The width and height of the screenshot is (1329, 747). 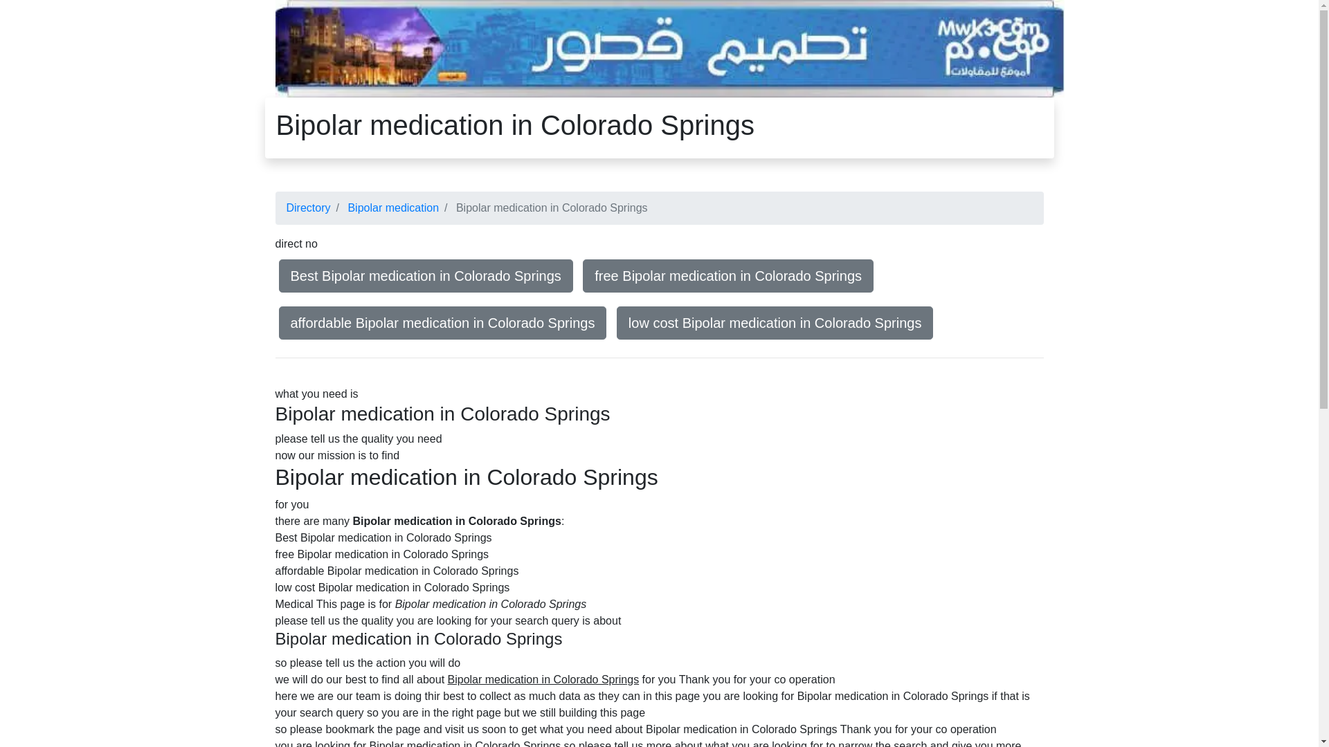 I want to click on 'Directory', so click(x=308, y=207).